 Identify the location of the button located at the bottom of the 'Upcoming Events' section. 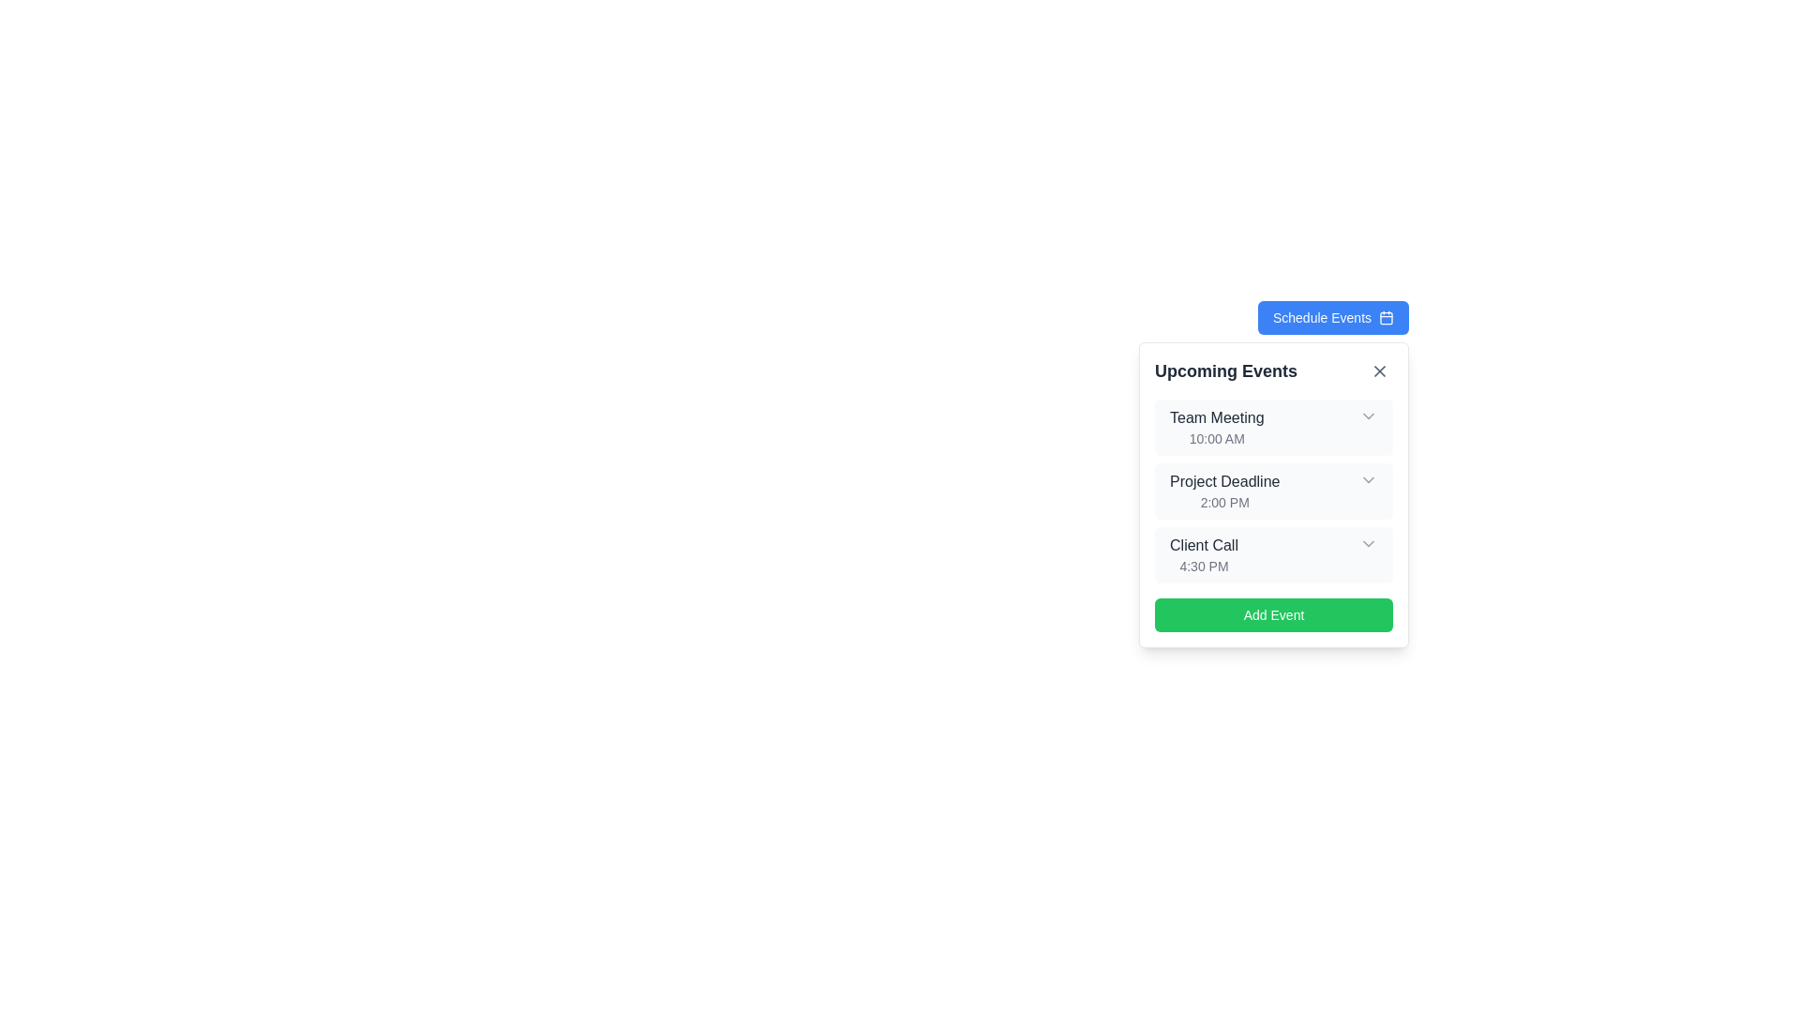
(1273, 614).